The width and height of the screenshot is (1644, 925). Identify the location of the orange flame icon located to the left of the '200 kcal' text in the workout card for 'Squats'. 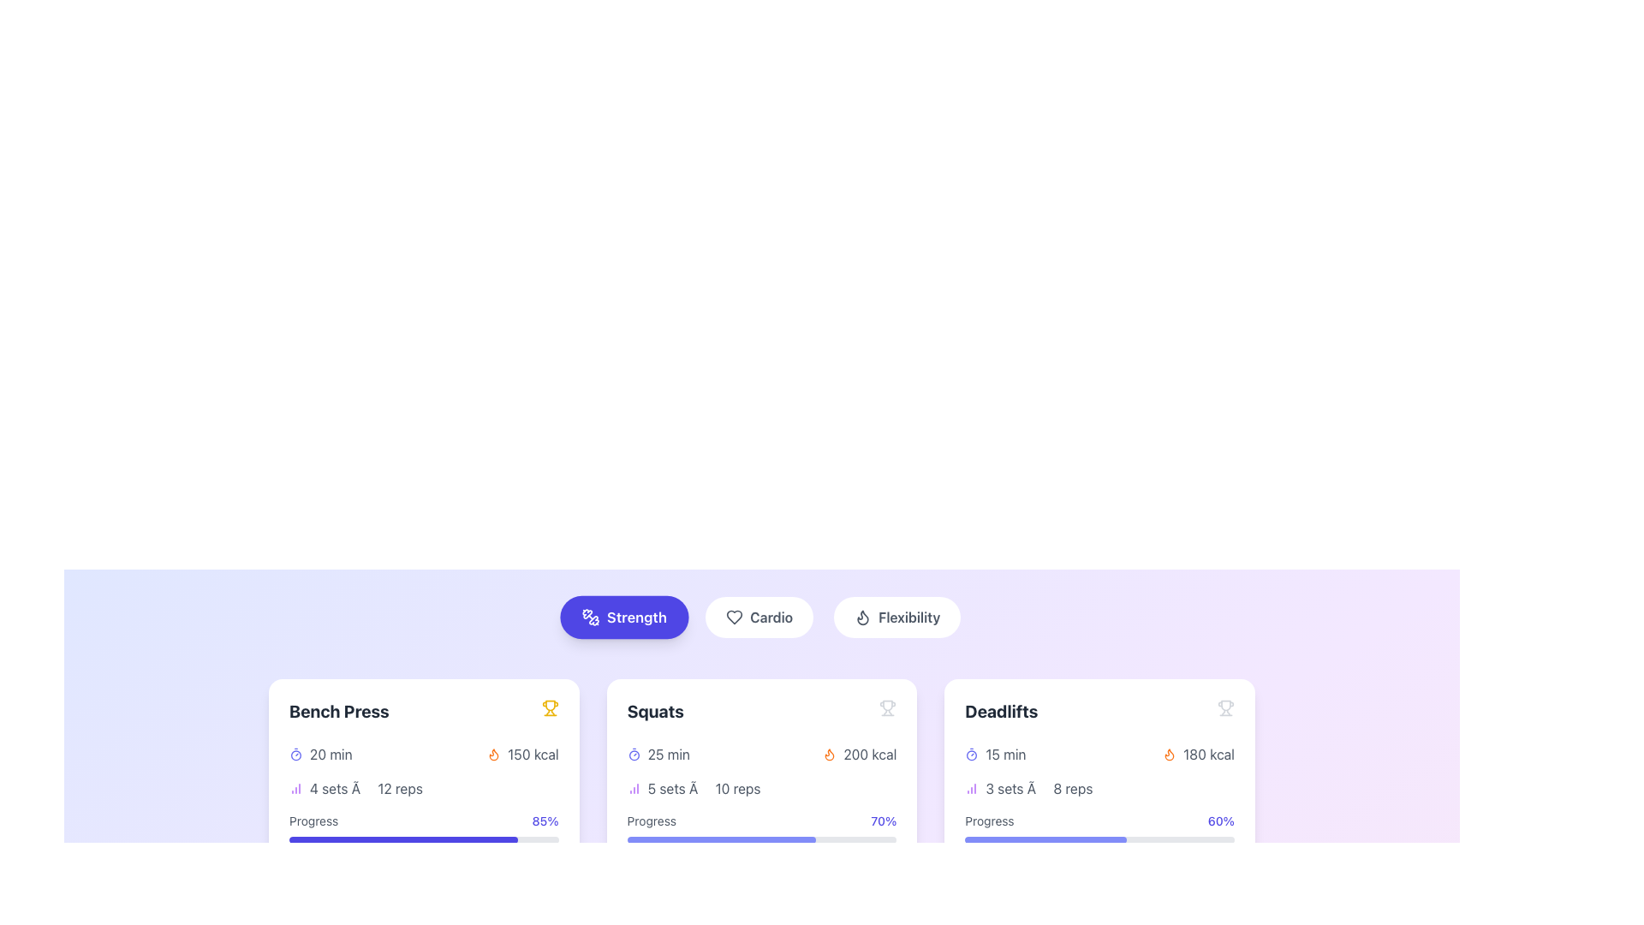
(830, 753).